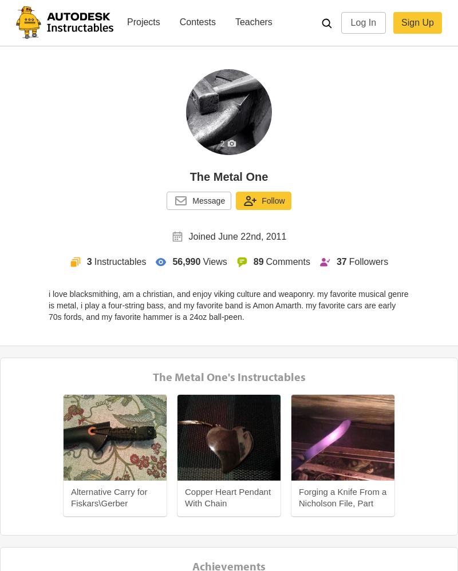 The width and height of the screenshot is (458, 571). What do you see at coordinates (342, 502) in the screenshot?
I see `'Forging a Knife From a Nicholson File, Part One'` at bounding box center [342, 502].